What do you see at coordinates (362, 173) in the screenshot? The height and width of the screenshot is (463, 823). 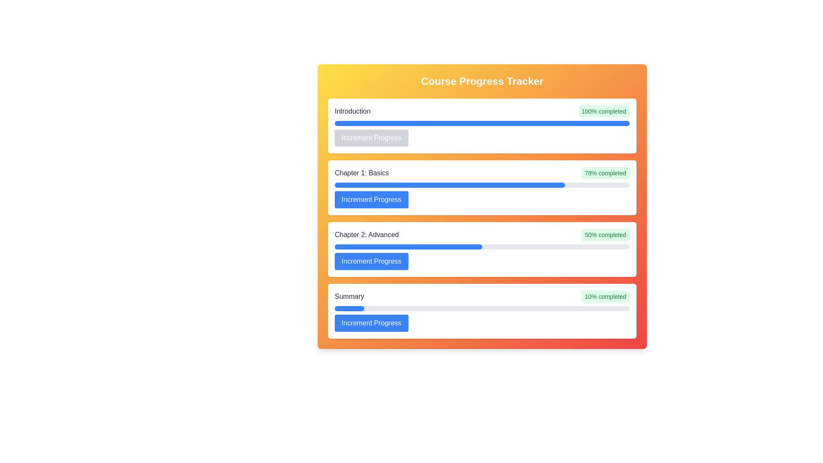 I see `the text label 'Chapter 1: Basics' which is displayed in bold, gray-black font and is aligned to the left within its section` at bounding box center [362, 173].